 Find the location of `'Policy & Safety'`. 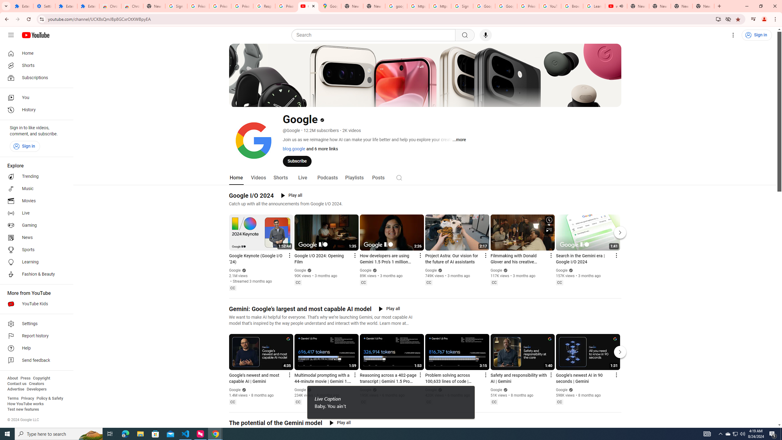

'Policy & Safety' is located at coordinates (49, 398).